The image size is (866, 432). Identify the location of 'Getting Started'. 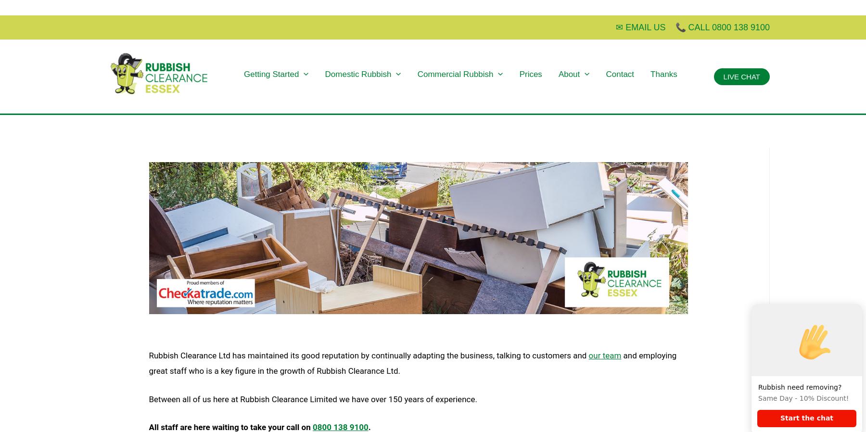
(243, 73).